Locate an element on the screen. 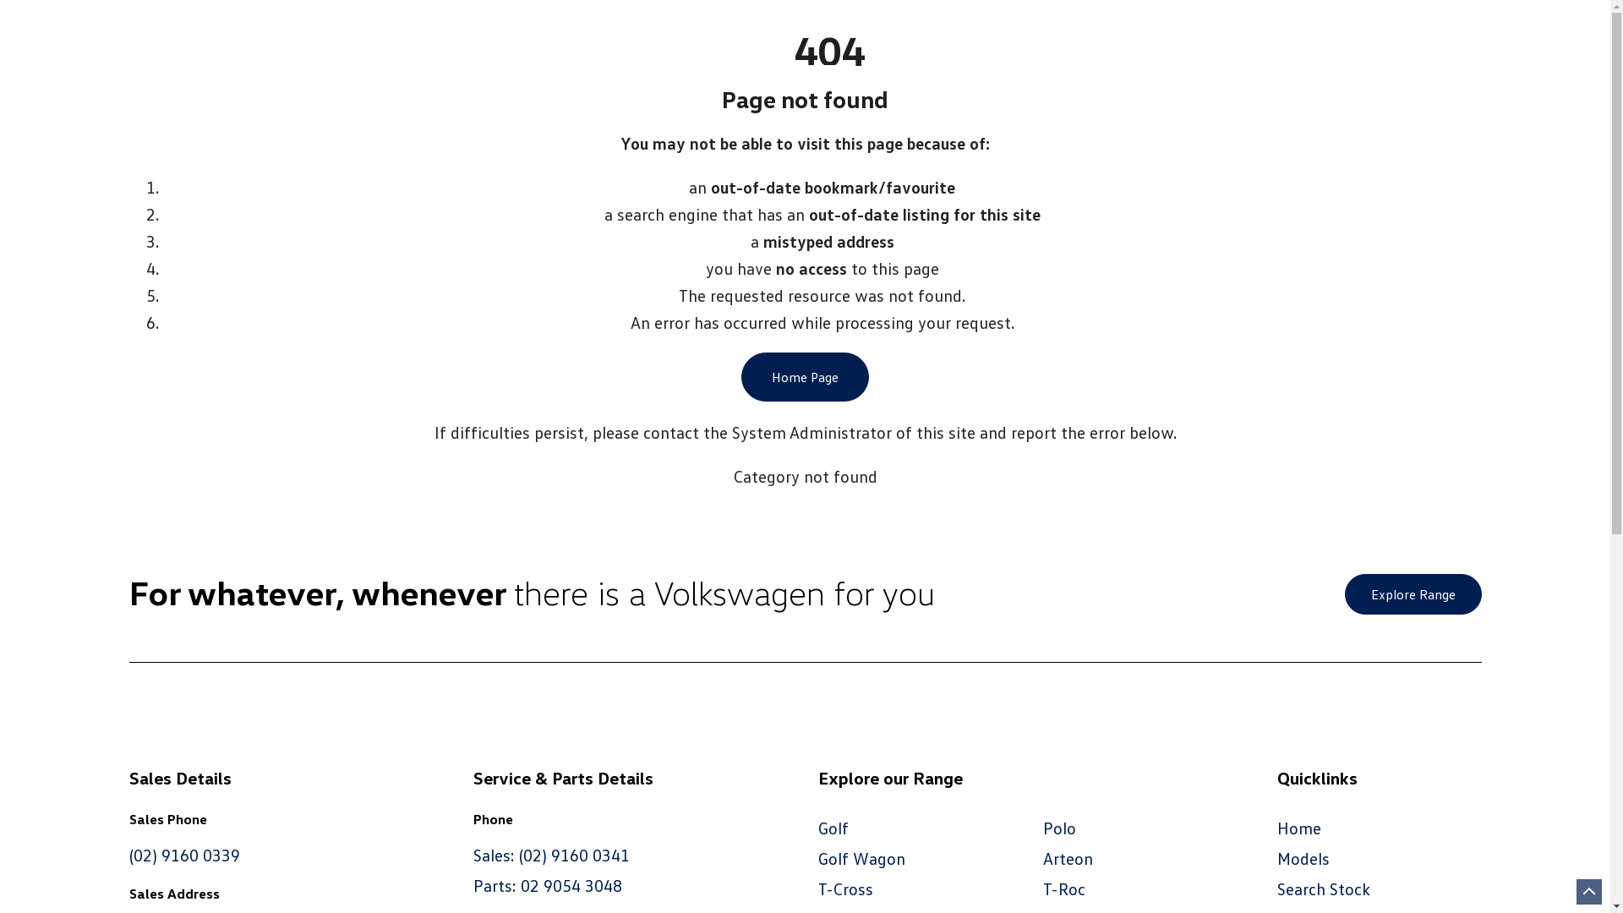  '(02) 9160 0339' is located at coordinates (183, 854).